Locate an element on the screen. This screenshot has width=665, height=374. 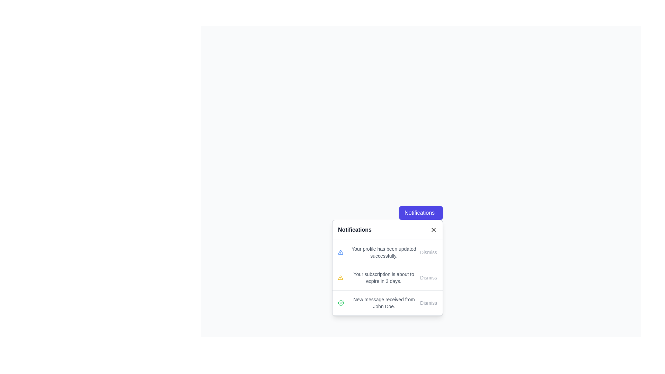
the 'Dismiss' button located at the bottom-right corner of the notification card is located at coordinates (428, 252).